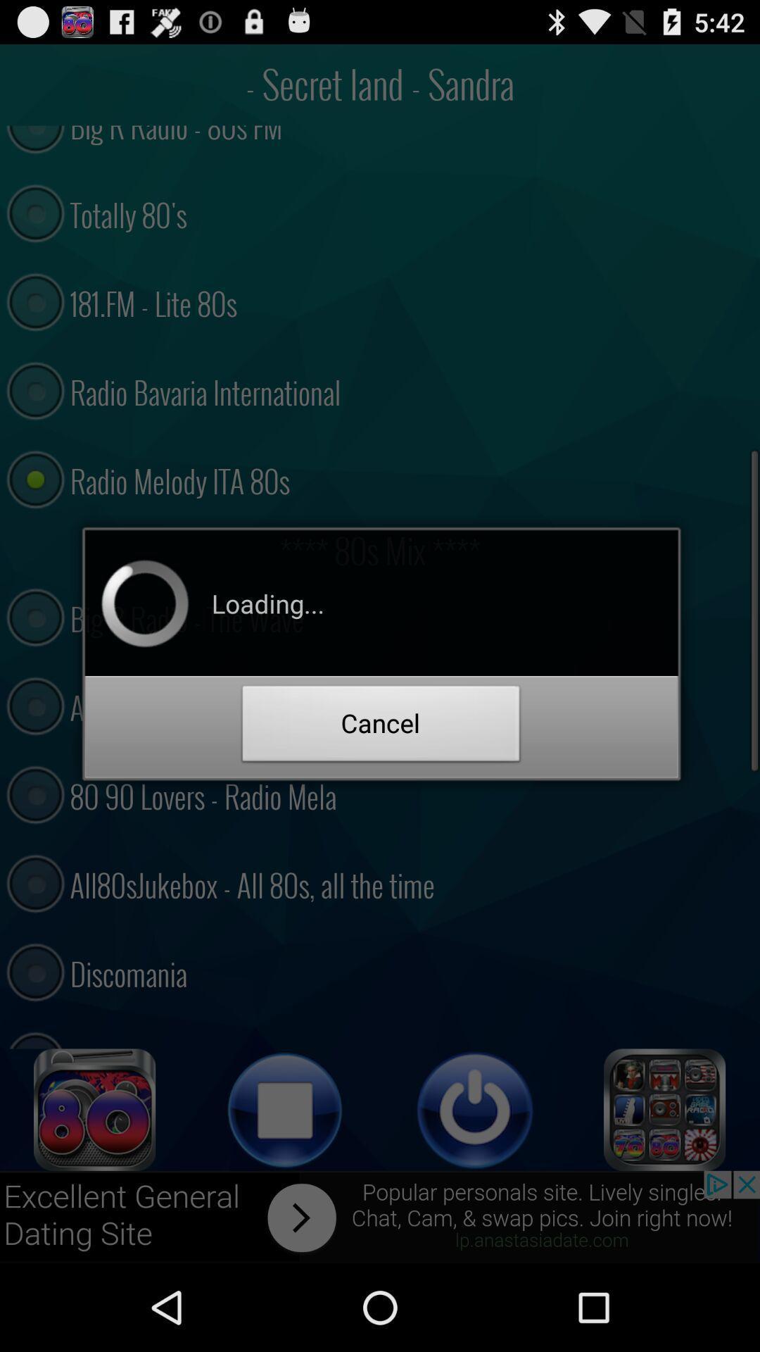 This screenshot has height=1352, width=760. What do you see at coordinates (95, 1109) in the screenshot?
I see `dating site` at bounding box center [95, 1109].